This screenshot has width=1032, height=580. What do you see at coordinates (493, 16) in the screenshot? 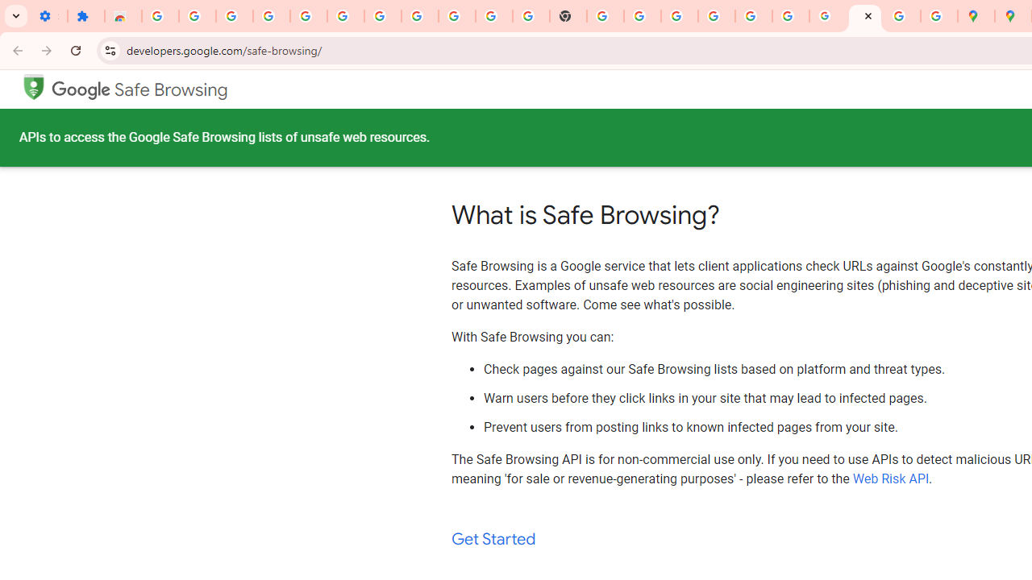
I see `'YouTube'` at bounding box center [493, 16].